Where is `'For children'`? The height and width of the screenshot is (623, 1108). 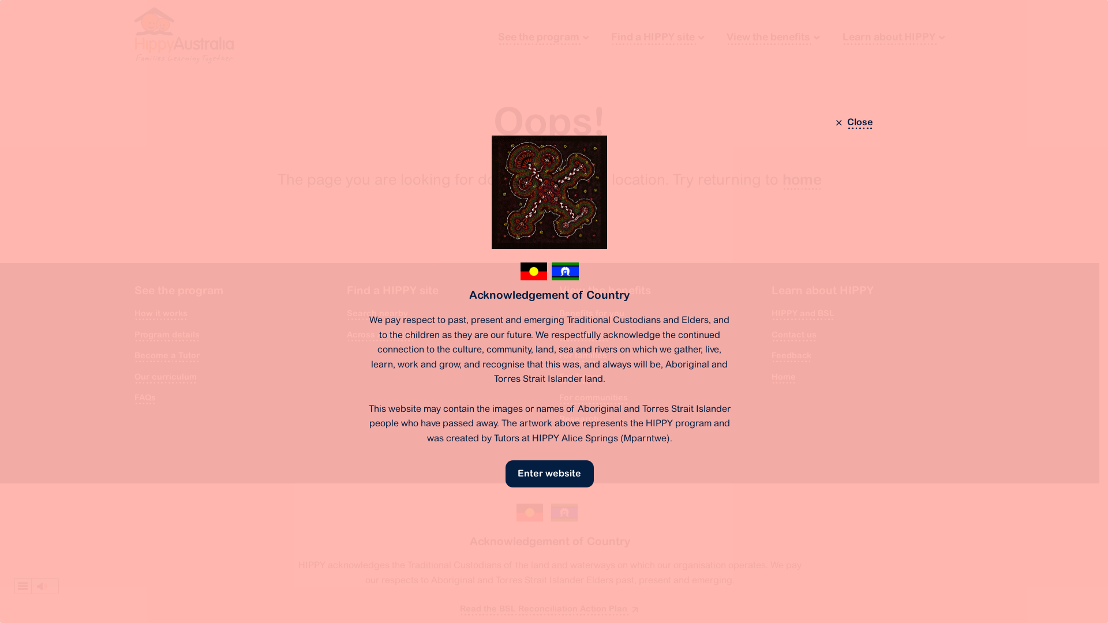 'For children' is located at coordinates (559, 334).